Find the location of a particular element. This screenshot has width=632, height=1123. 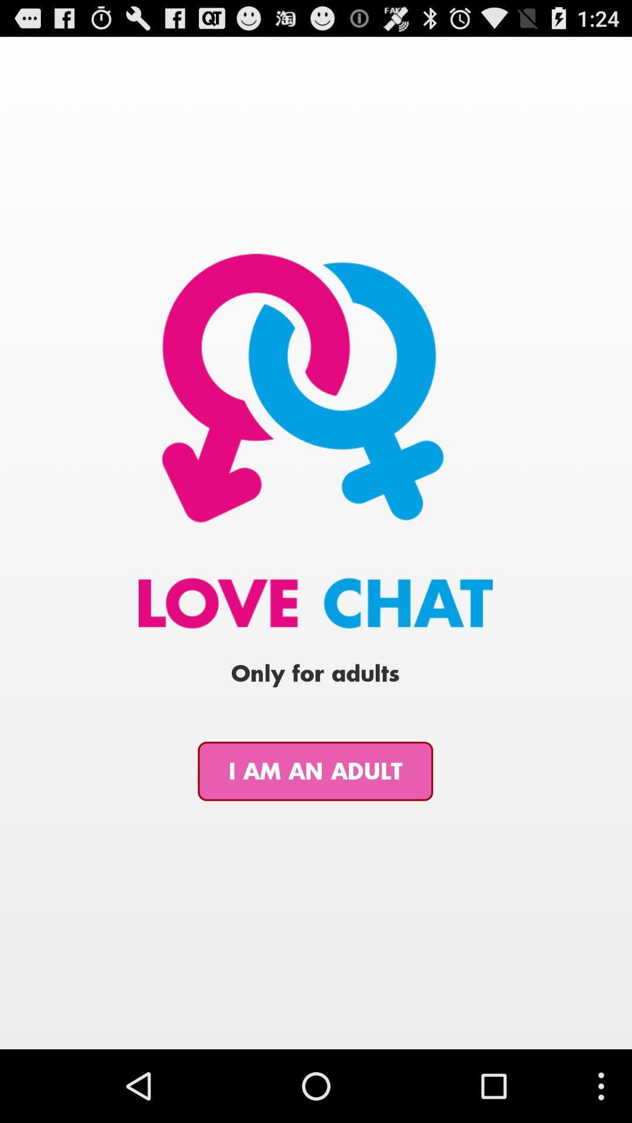

the item below only for adults item is located at coordinates (315, 771).